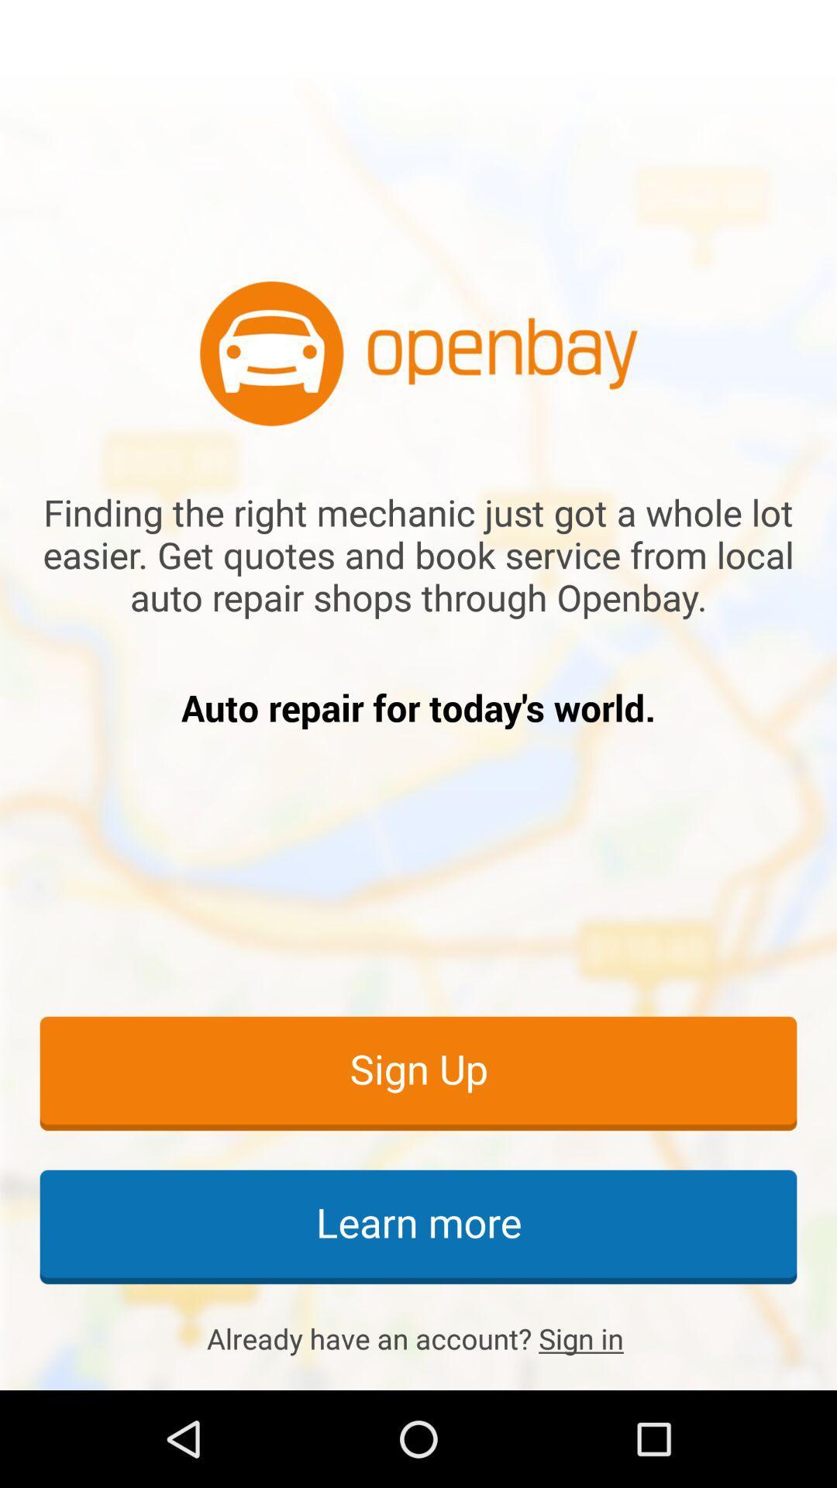 The height and width of the screenshot is (1488, 837). Describe the element at coordinates (418, 1338) in the screenshot. I see `already have an item` at that location.